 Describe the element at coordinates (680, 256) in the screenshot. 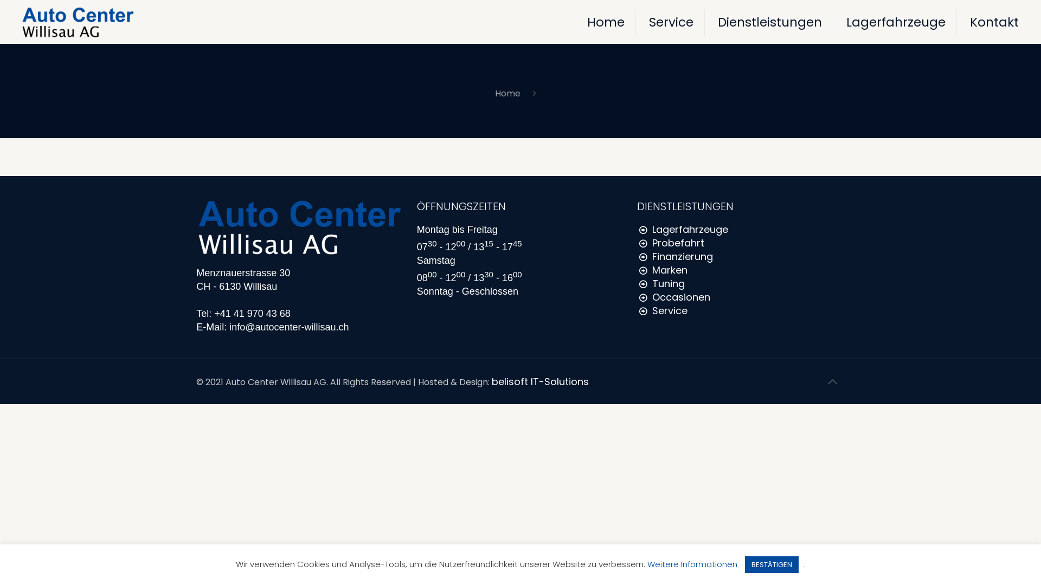

I see `'Finanzierung'` at that location.